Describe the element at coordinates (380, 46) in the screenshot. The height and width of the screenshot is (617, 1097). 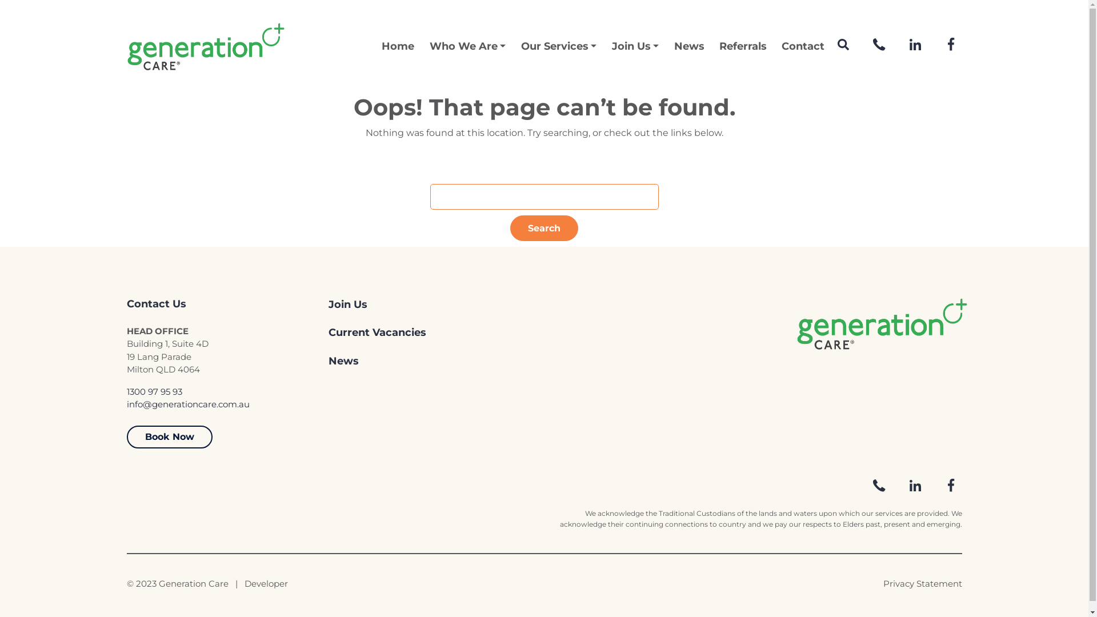
I see `'Home'` at that location.